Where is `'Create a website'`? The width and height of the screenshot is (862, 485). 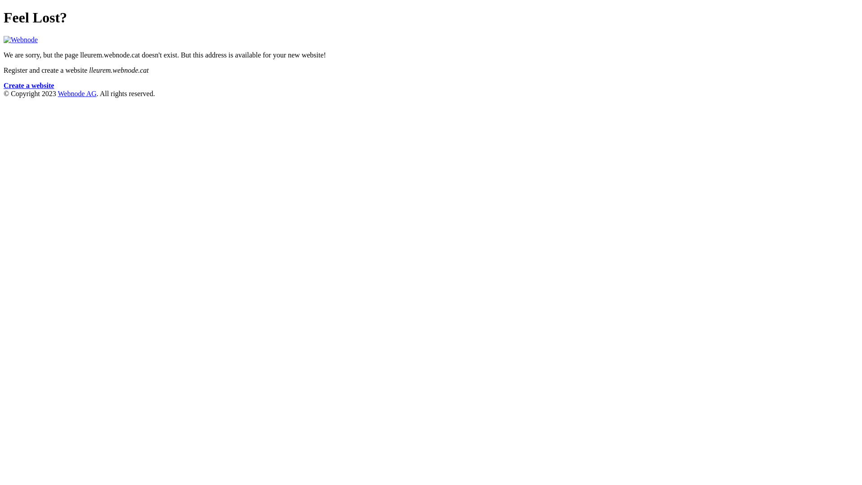 'Create a website' is located at coordinates (29, 85).